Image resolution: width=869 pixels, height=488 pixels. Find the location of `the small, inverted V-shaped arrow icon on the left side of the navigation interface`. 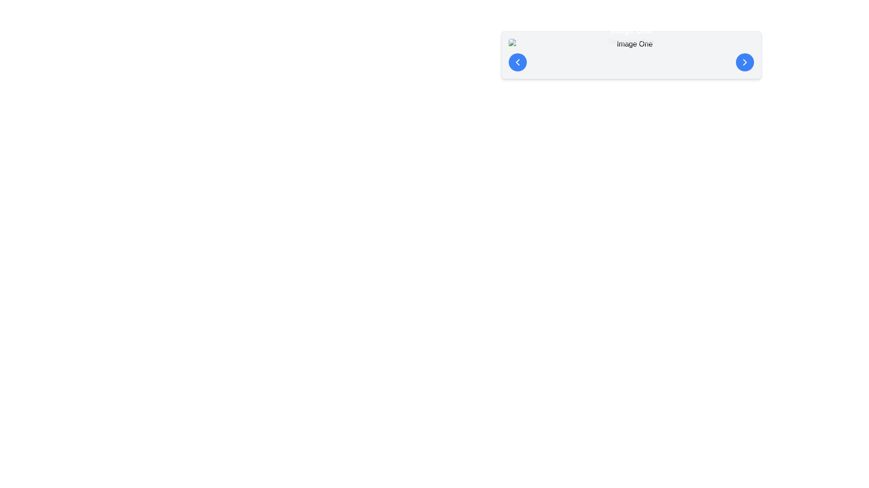

the small, inverted V-shaped arrow icon on the left side of the navigation interface is located at coordinates (517, 62).